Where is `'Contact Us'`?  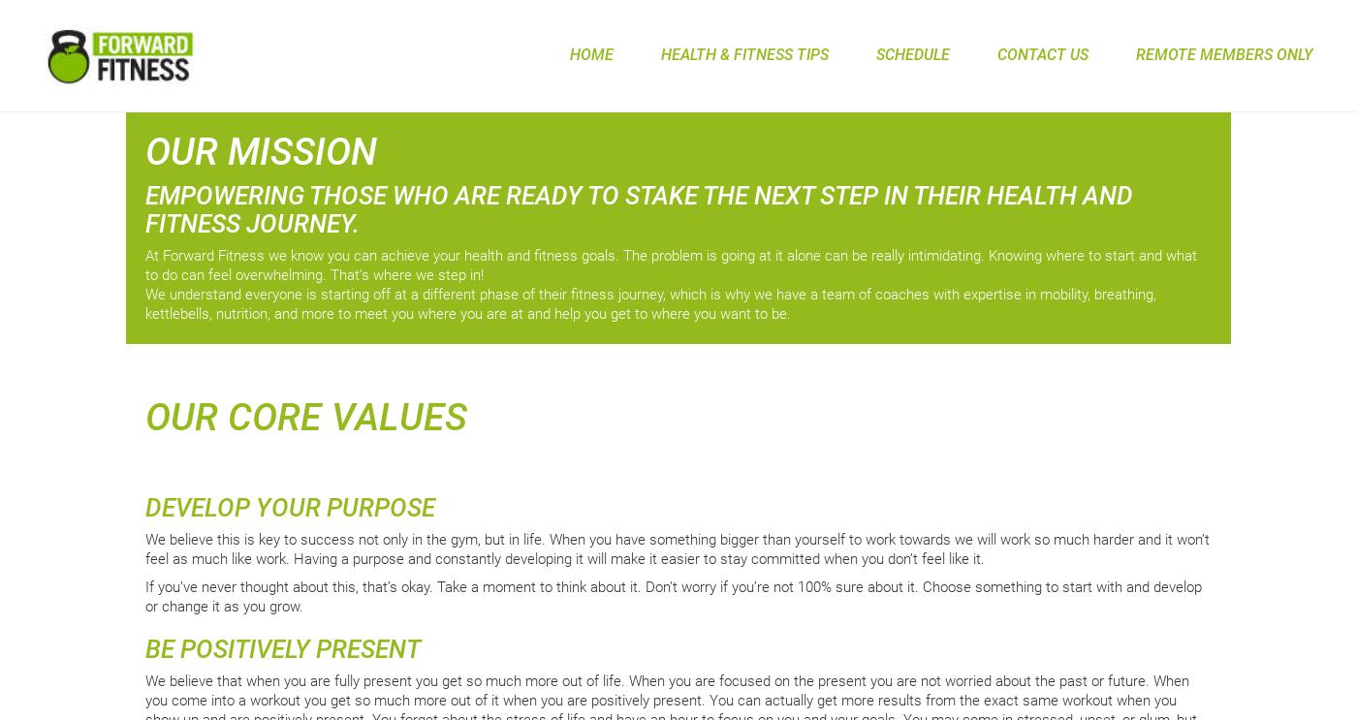
'Contact Us' is located at coordinates (997, 53).